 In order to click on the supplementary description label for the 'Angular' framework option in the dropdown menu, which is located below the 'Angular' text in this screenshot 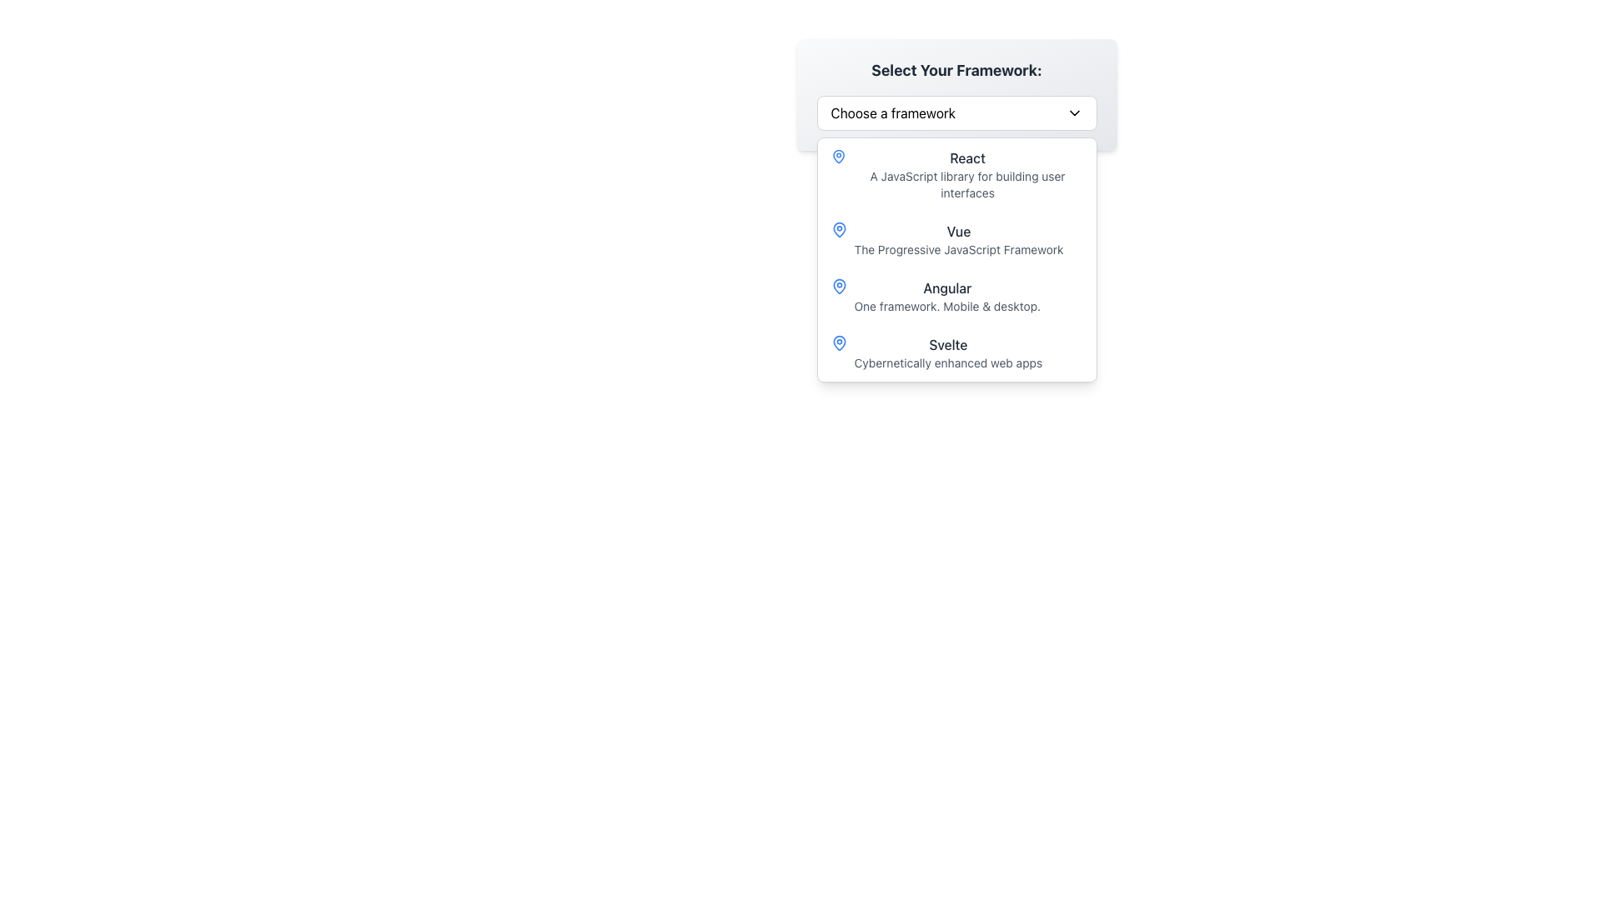, I will do `click(947, 306)`.